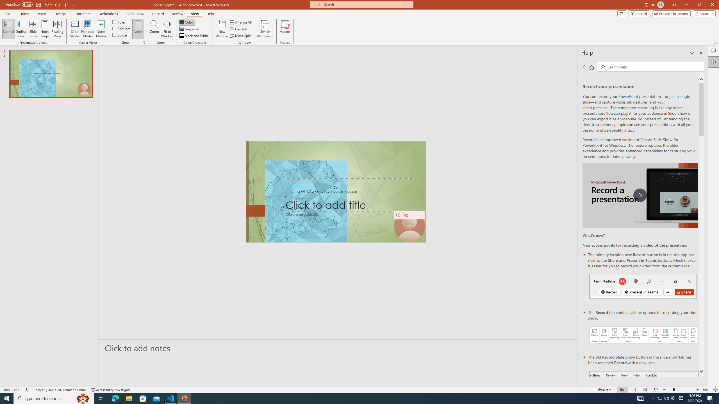 This screenshot has width=719, height=404. Describe the element at coordinates (640, 195) in the screenshot. I see `'play Record a Presentation'` at that location.